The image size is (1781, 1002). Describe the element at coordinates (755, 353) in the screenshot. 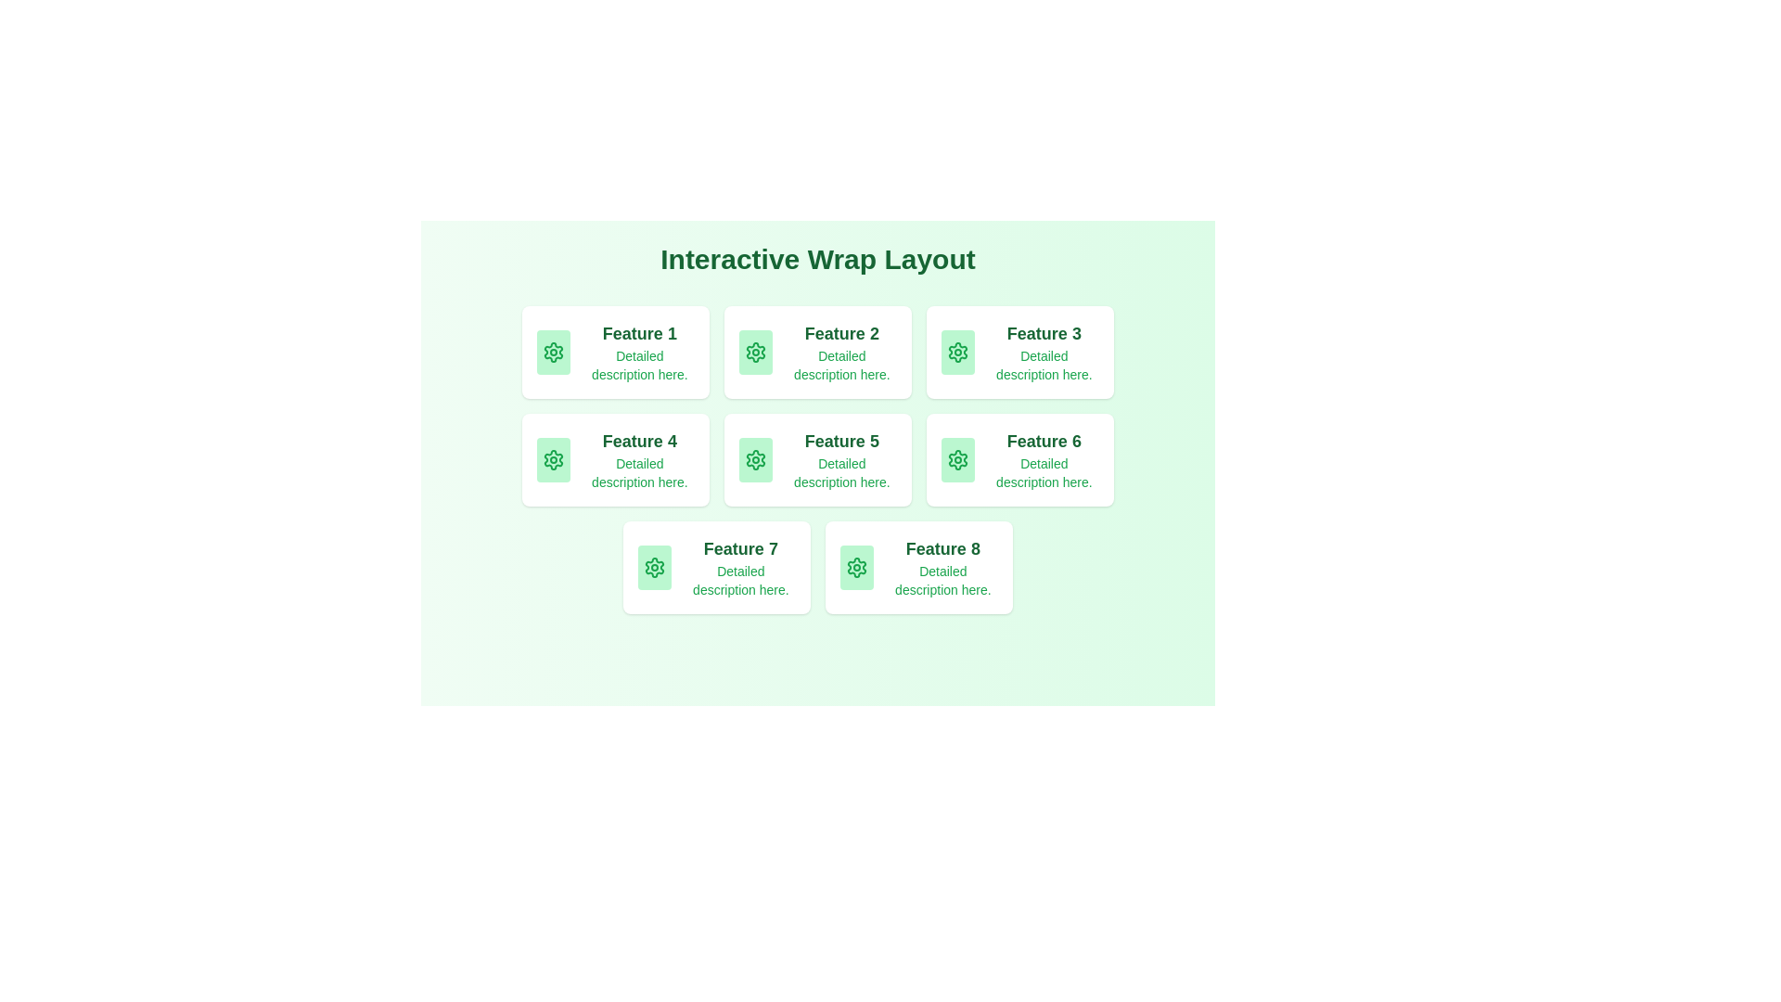

I see `the settings icon in the first column of the second row within the 'Interactive Wrap Layout' of 'Feature 2.'` at that location.